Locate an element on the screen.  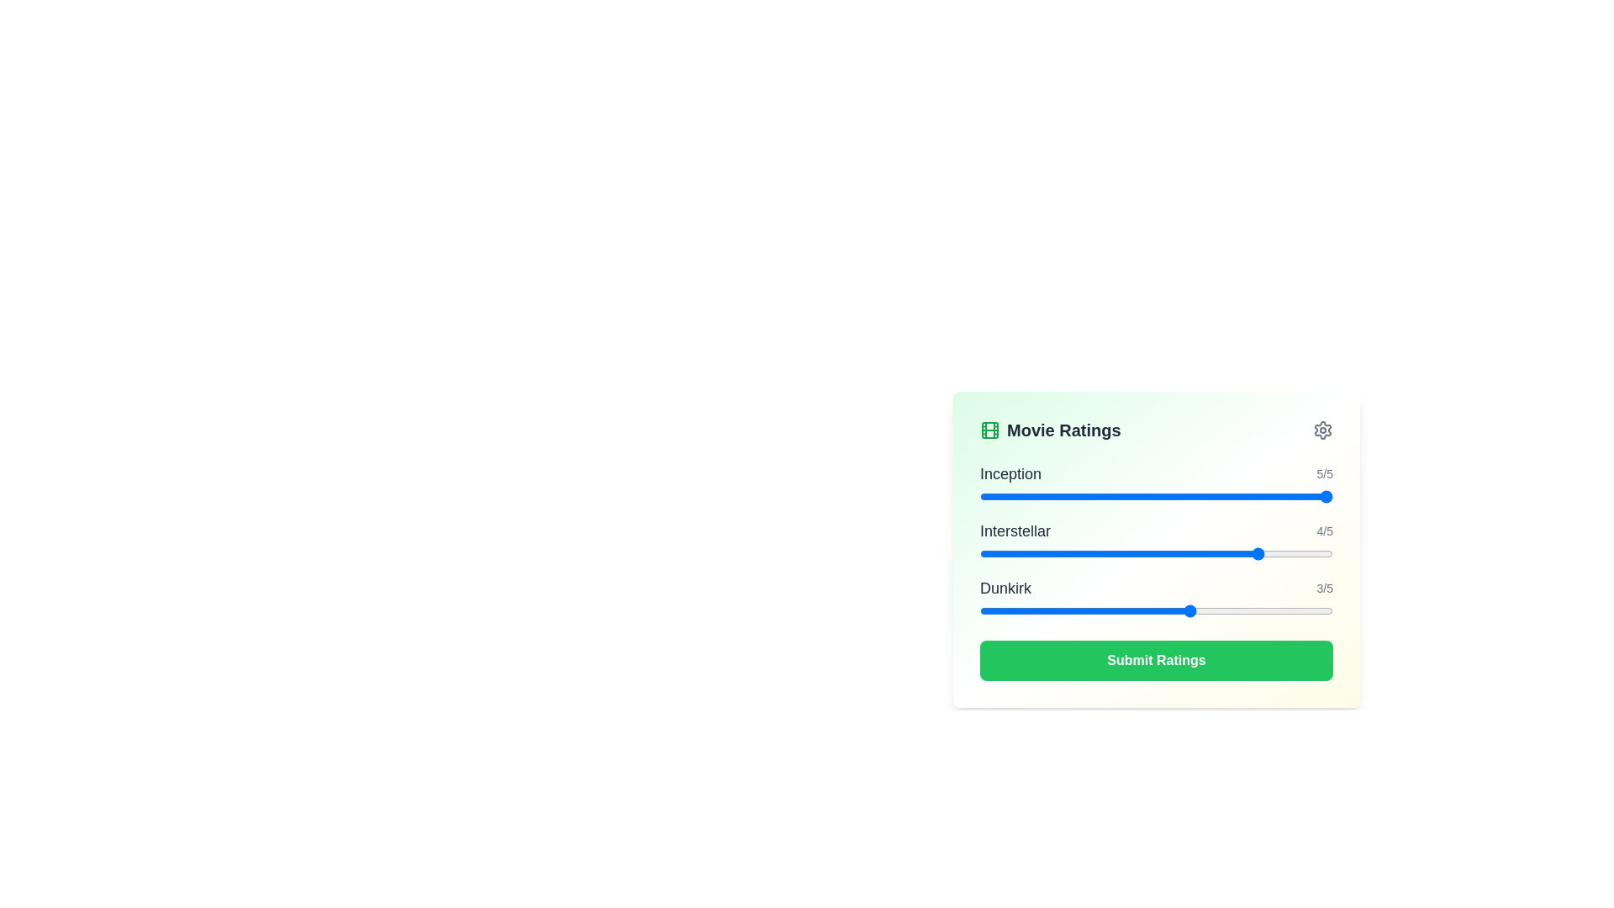
the third slider input for rating the movie 'Dunkirk' to set a value between 0 and 5 is located at coordinates (1156, 598).